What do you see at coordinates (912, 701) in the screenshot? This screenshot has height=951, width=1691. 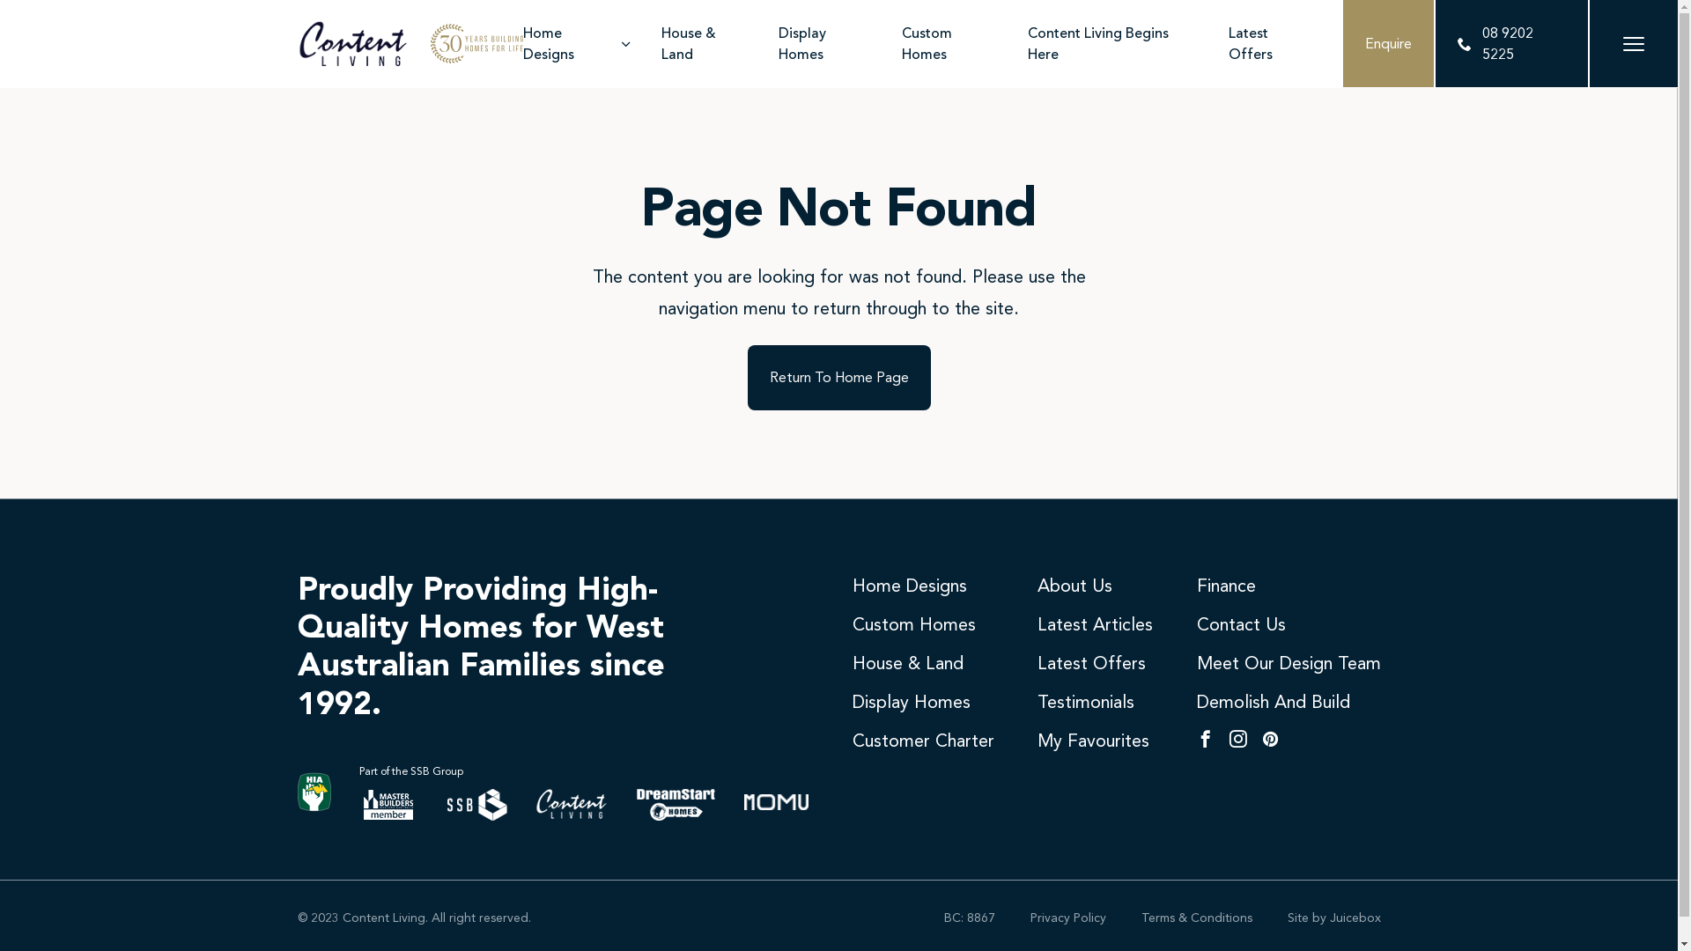 I see `'Display Homes'` at bounding box center [912, 701].